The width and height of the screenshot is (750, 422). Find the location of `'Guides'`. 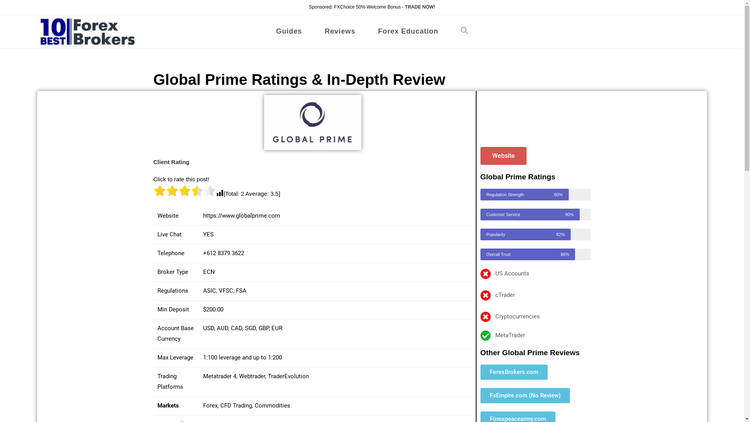

'Guides' is located at coordinates (288, 31).